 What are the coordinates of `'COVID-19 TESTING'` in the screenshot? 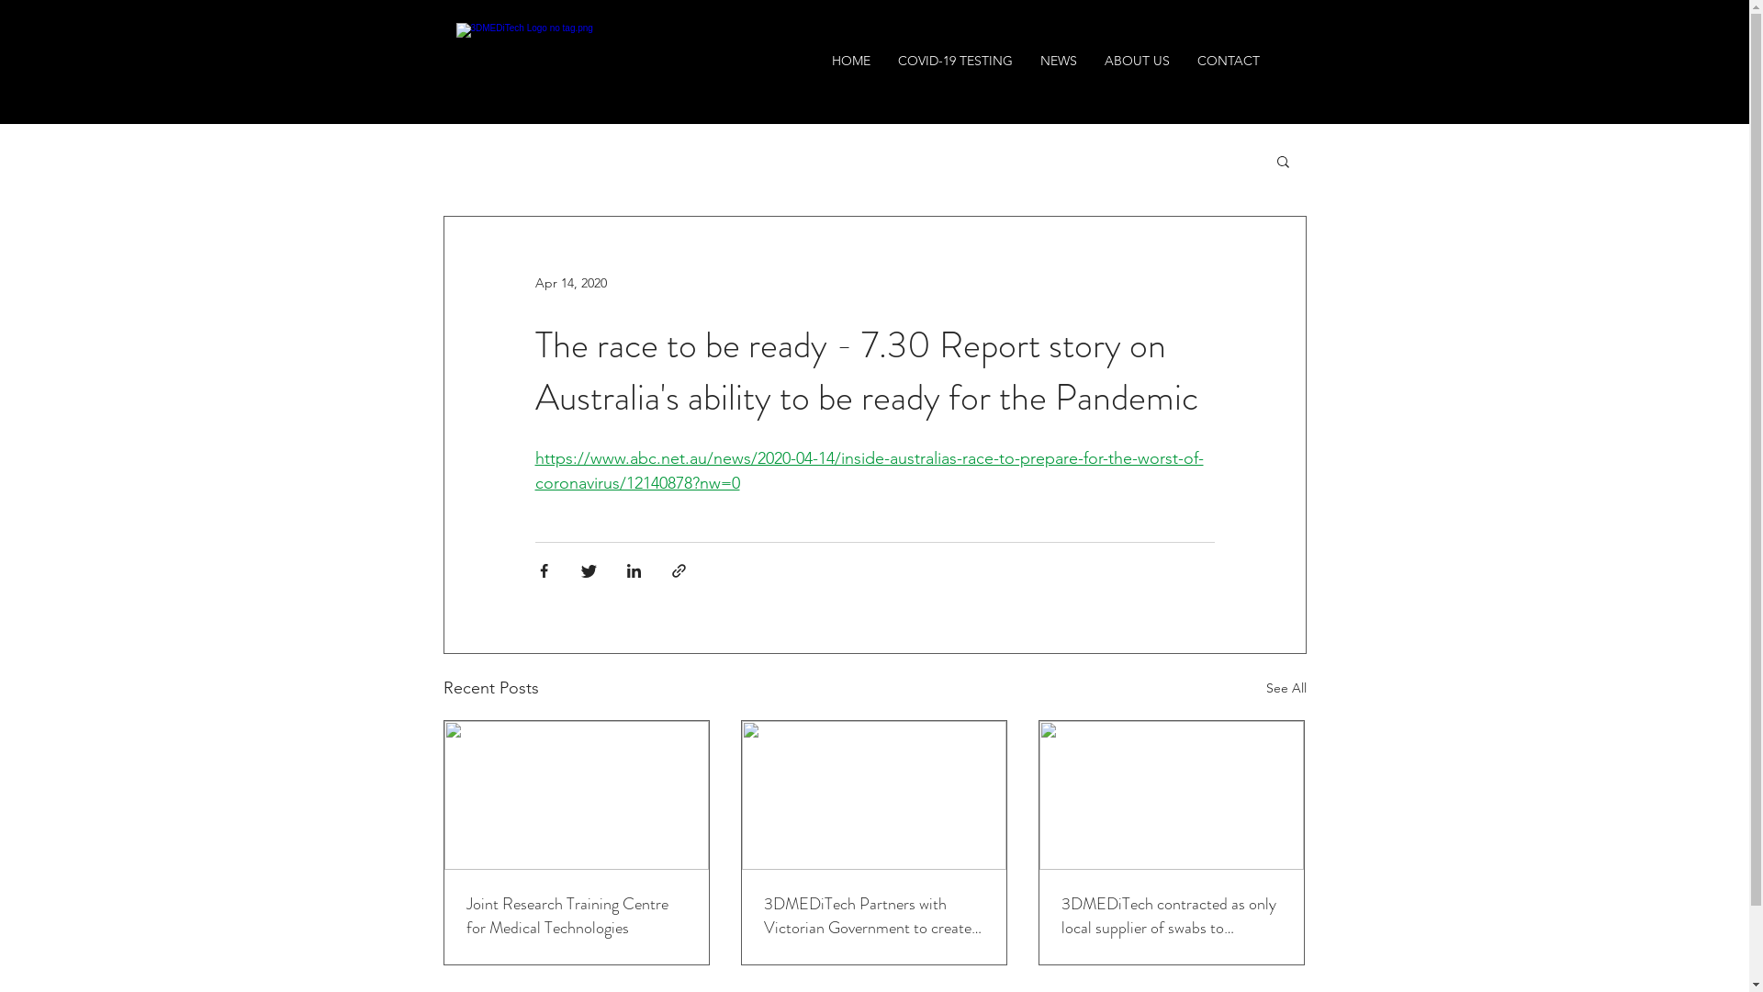 It's located at (954, 60).